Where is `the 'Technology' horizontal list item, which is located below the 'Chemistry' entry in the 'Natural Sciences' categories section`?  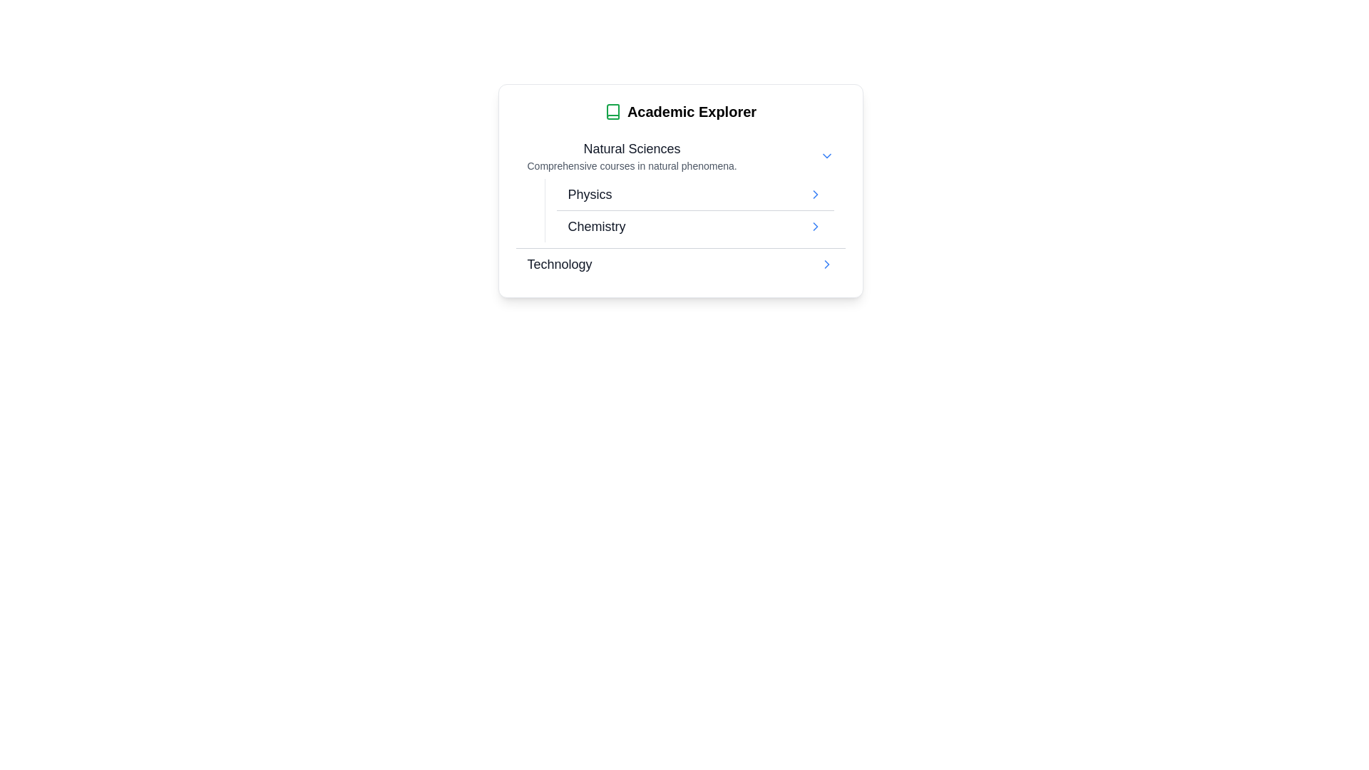 the 'Technology' horizontal list item, which is located below the 'Chemistry' entry in the 'Natural Sciences' categories section is located at coordinates (680, 264).